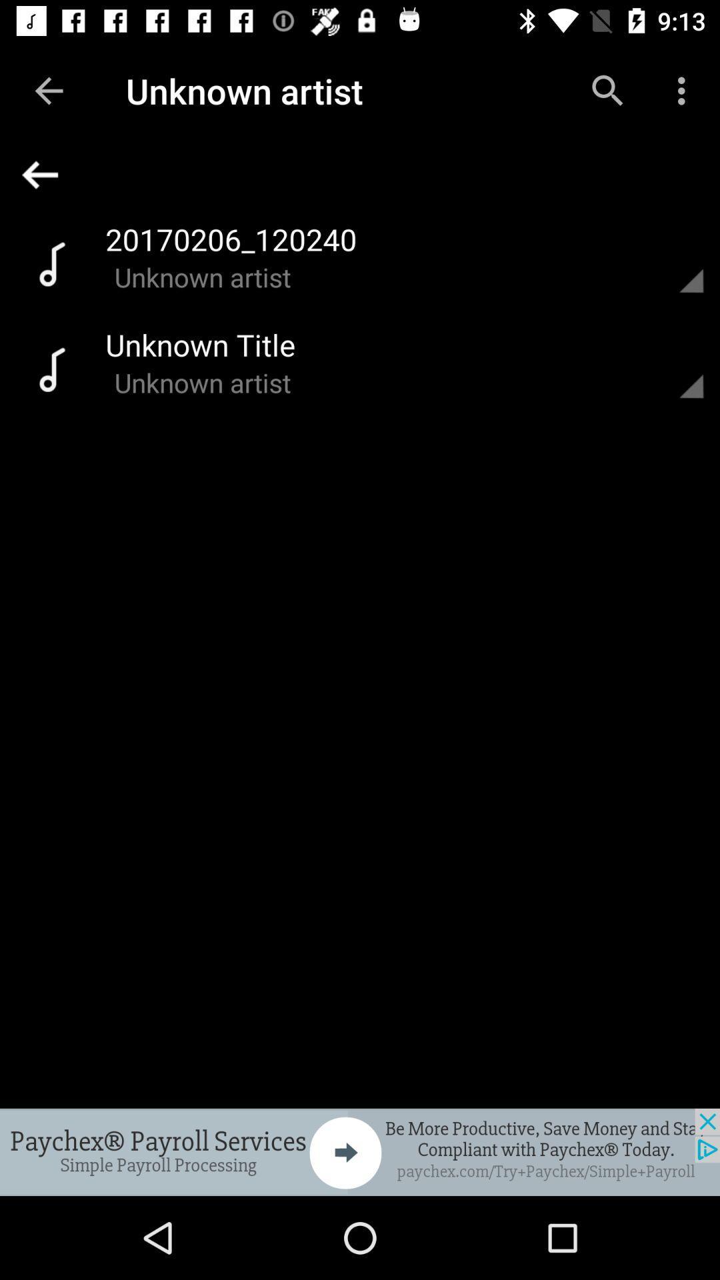 The height and width of the screenshot is (1280, 720). I want to click on advertisements banner, so click(360, 1151).